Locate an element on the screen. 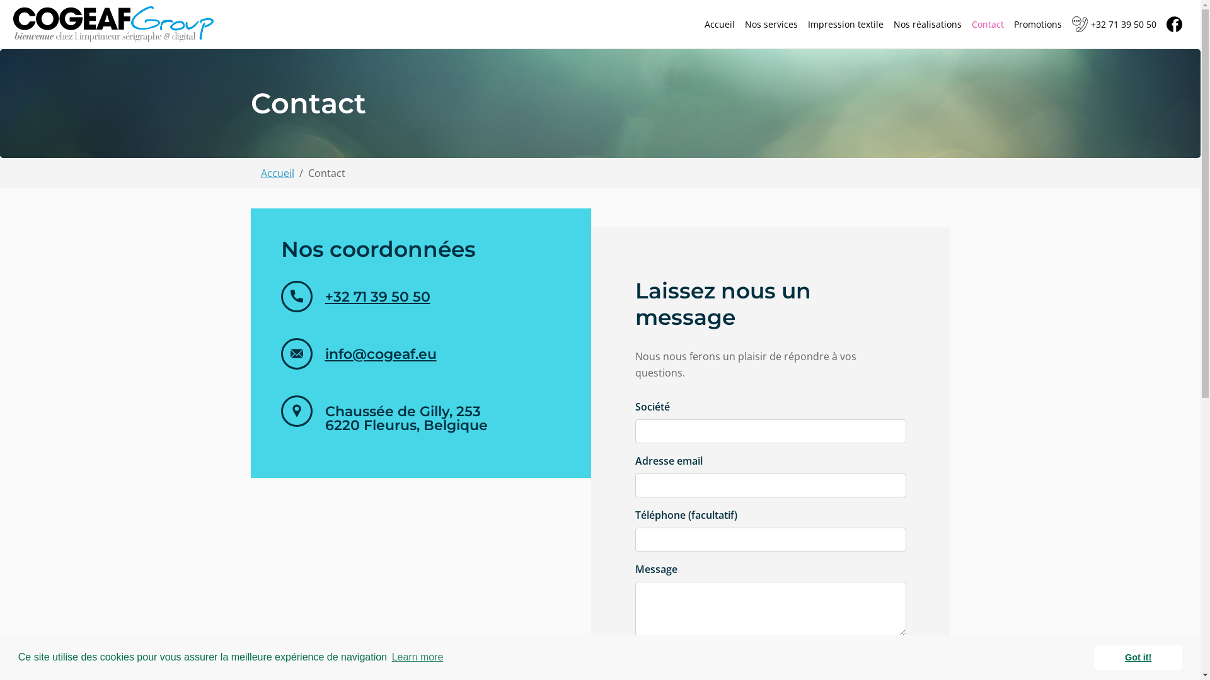 This screenshot has height=680, width=1210. '+32 71 39 50 50' is located at coordinates (325, 297).